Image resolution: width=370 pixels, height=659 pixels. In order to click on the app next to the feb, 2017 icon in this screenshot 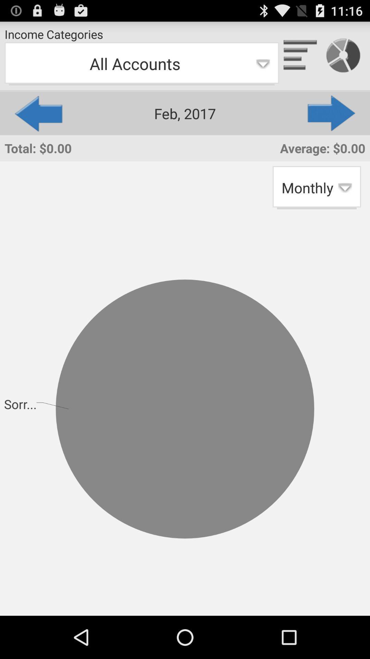, I will do `click(38, 113)`.